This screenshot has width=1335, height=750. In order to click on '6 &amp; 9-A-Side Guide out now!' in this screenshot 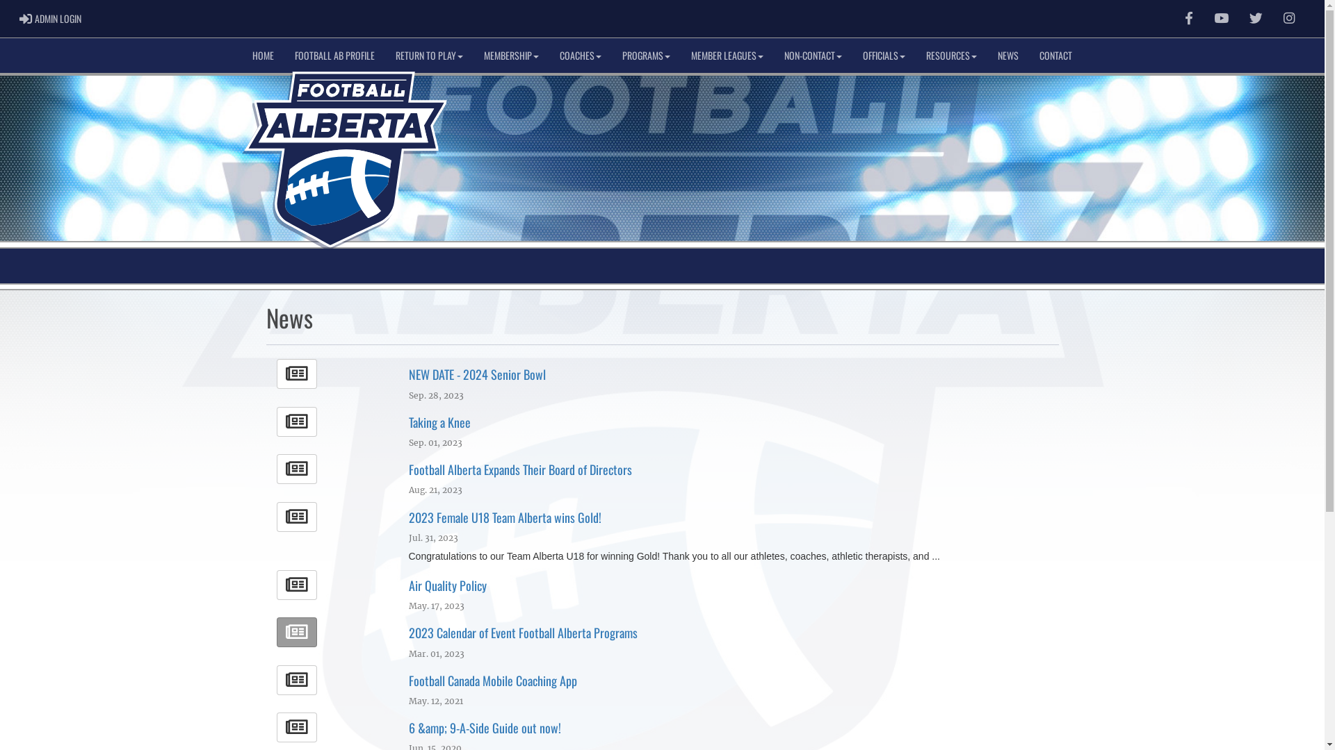, I will do `click(485, 727)`.